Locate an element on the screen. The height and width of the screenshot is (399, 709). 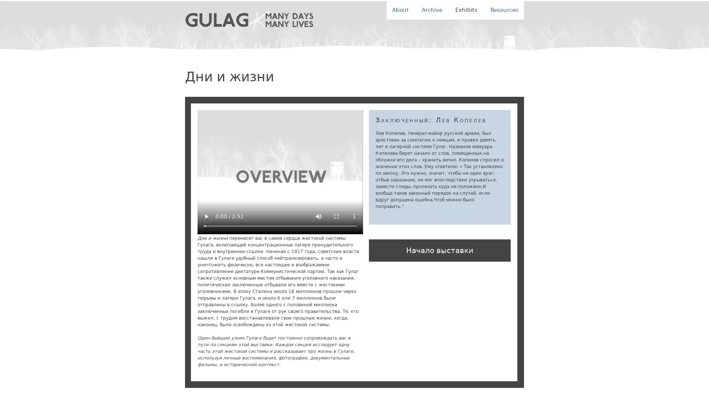
play is located at coordinates (206, 216).